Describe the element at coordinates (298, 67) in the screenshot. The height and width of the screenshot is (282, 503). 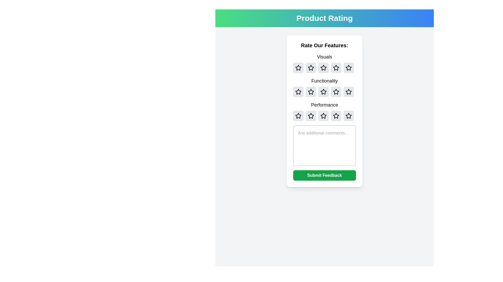
I see `the first star icon in the 'Visuals' category` at that location.